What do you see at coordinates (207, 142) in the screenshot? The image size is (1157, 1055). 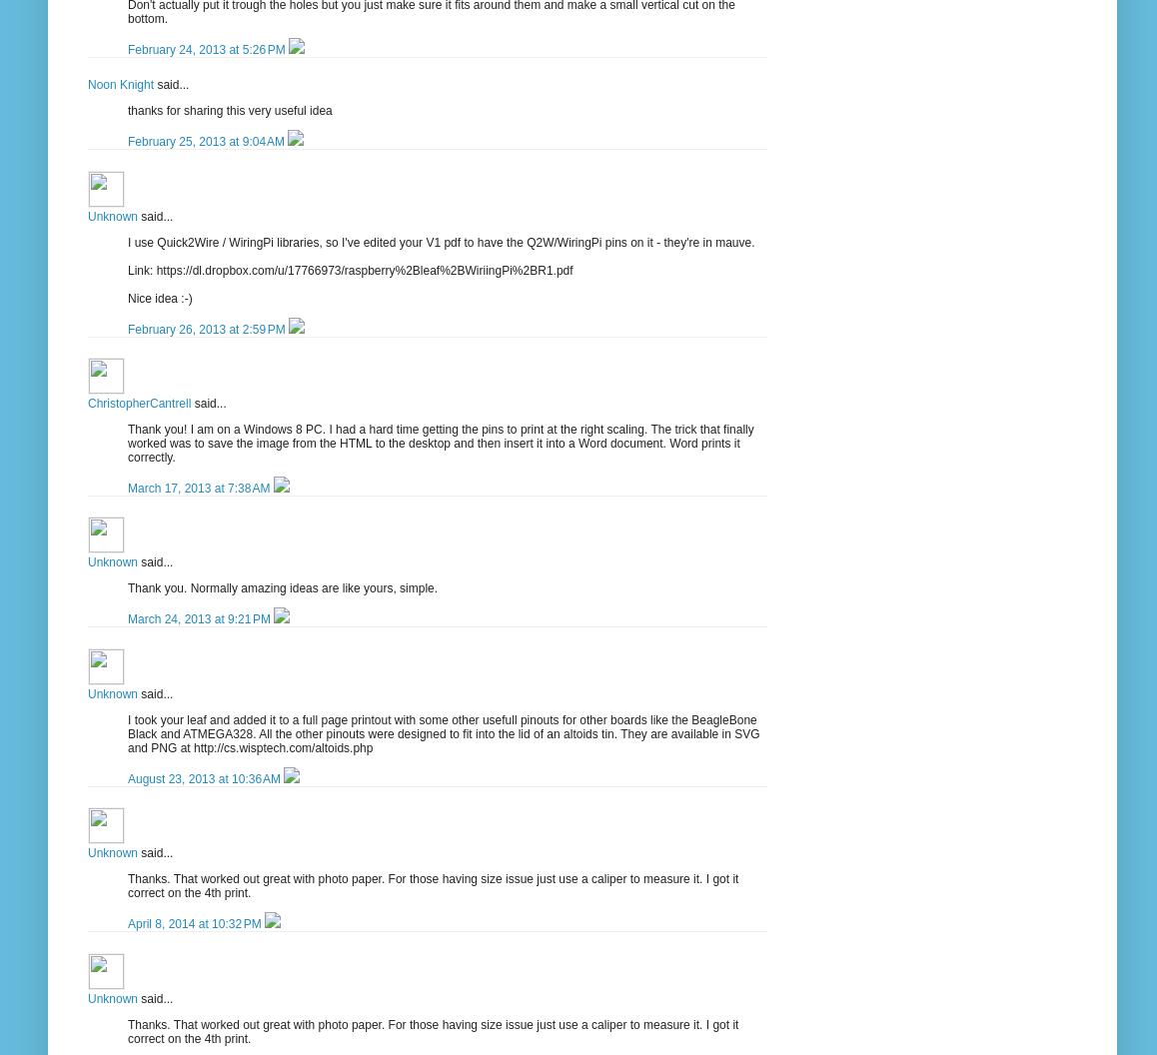 I see `'February 25, 2013 at 9:04 AM'` at bounding box center [207, 142].